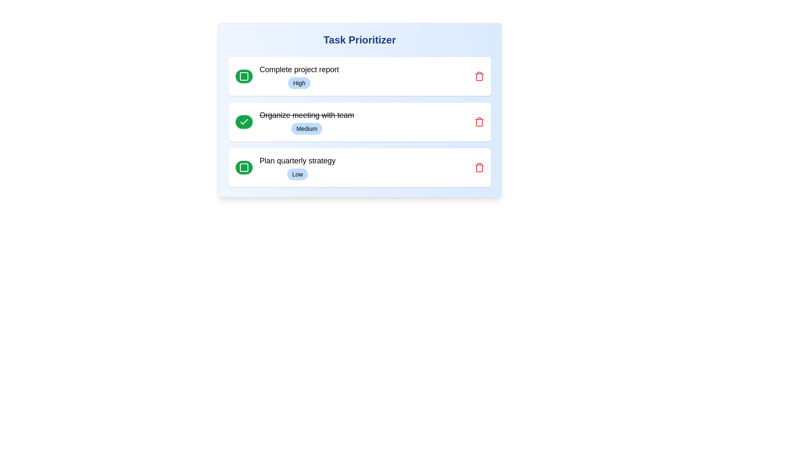 This screenshot has height=456, width=811. I want to click on 'High' priority label located to the right of the 'Complete project report' label in the first item of the task list, so click(299, 83).